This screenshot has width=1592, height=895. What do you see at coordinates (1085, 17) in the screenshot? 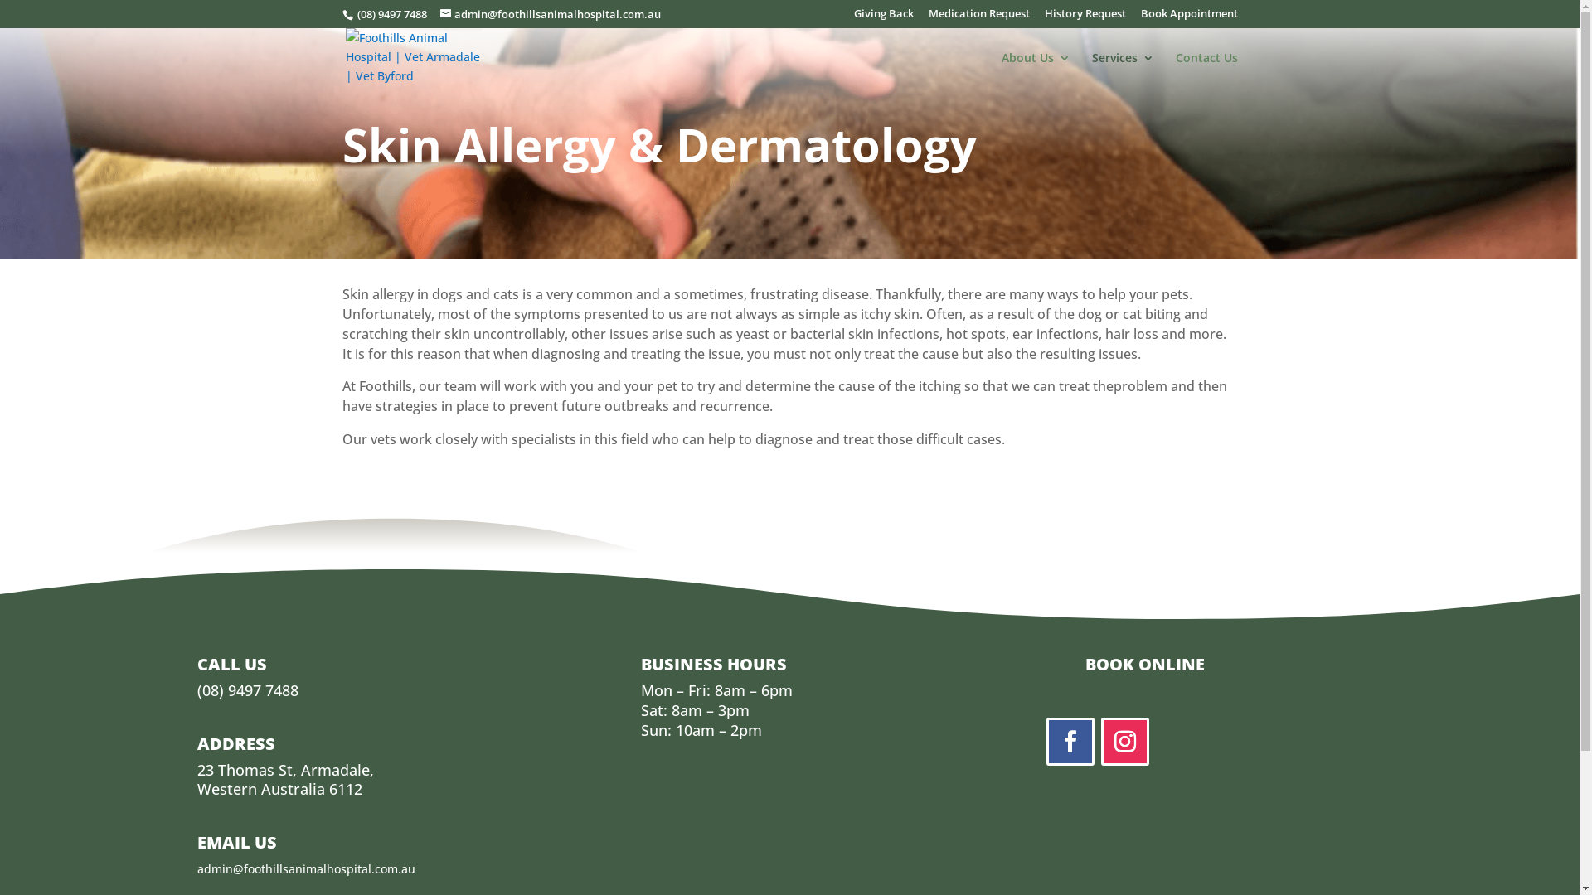
I see `'History Request'` at bounding box center [1085, 17].